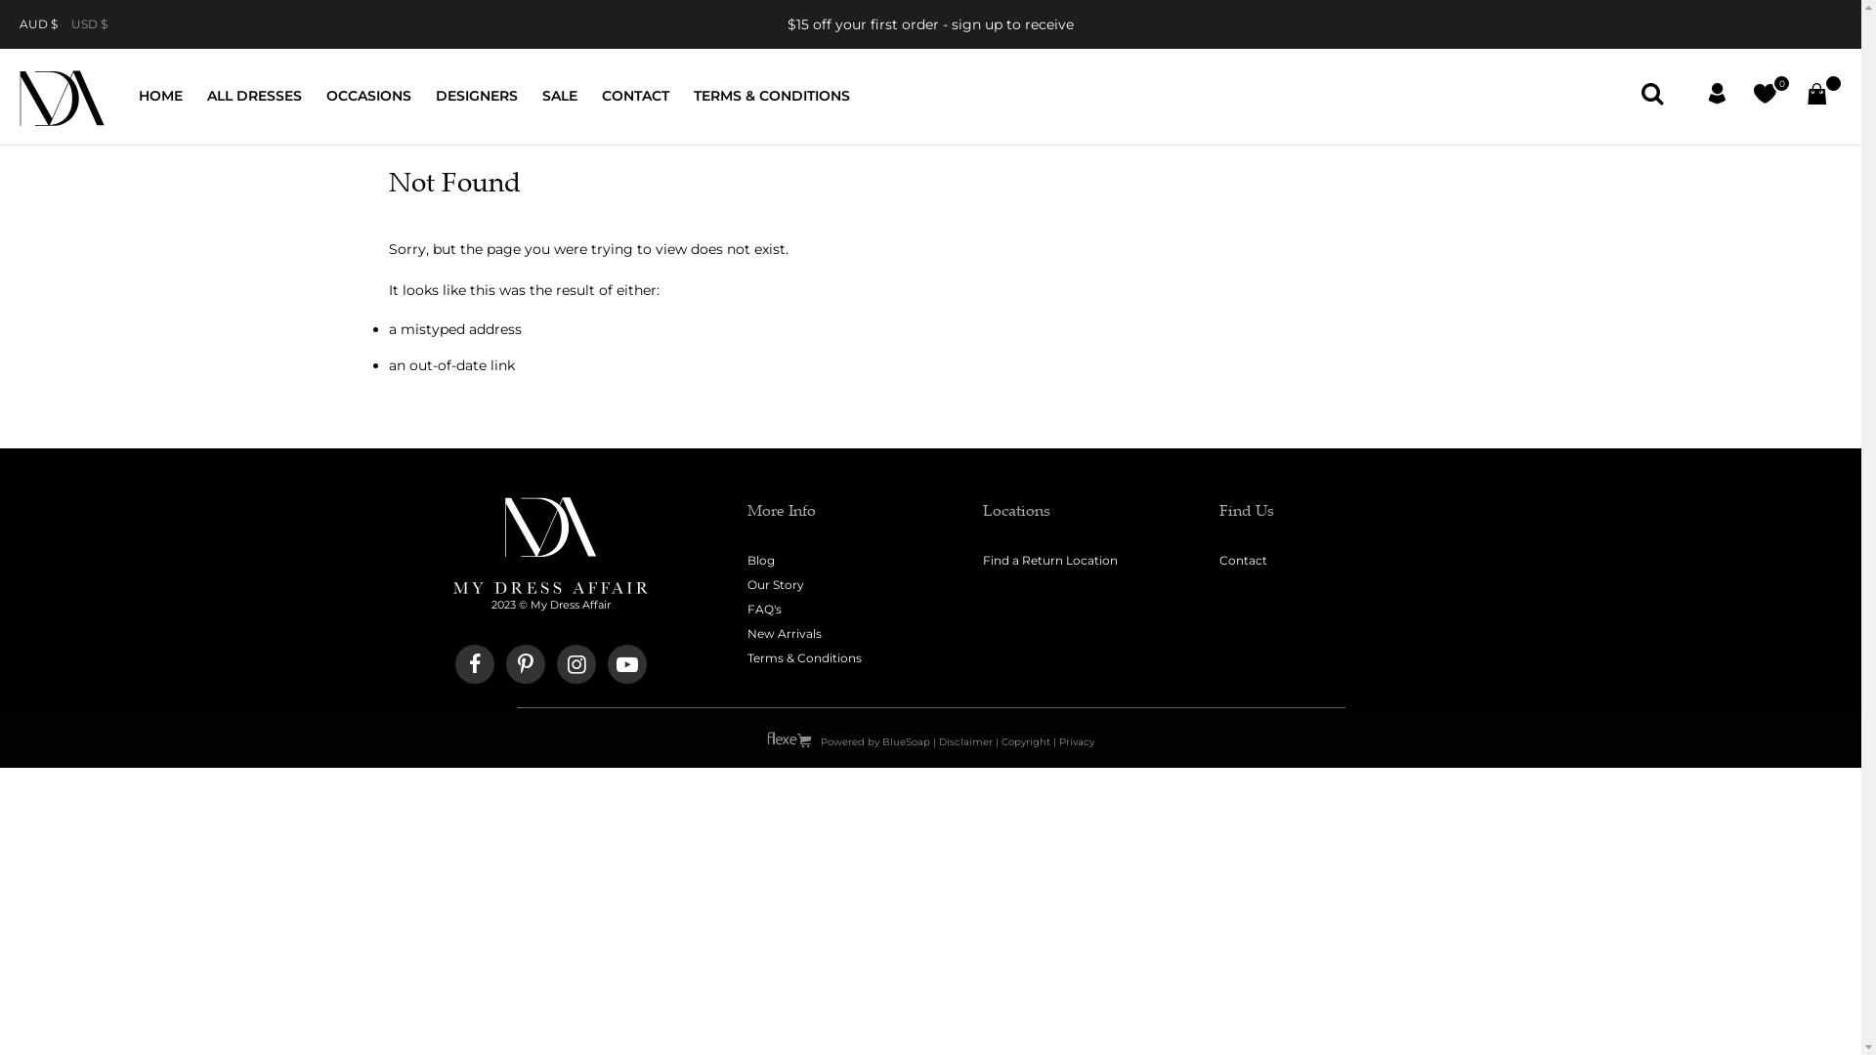 The height and width of the screenshot is (1055, 1876). Describe the element at coordinates (1765, 97) in the screenshot. I see `'0'` at that location.